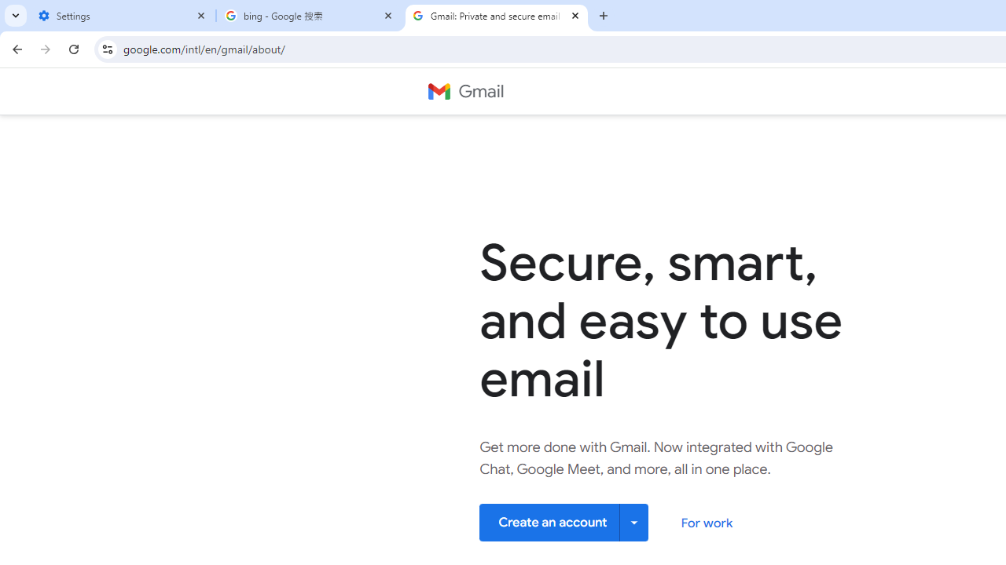 This screenshot has height=565, width=1006. What do you see at coordinates (122, 16) in the screenshot?
I see `'Settings'` at bounding box center [122, 16].